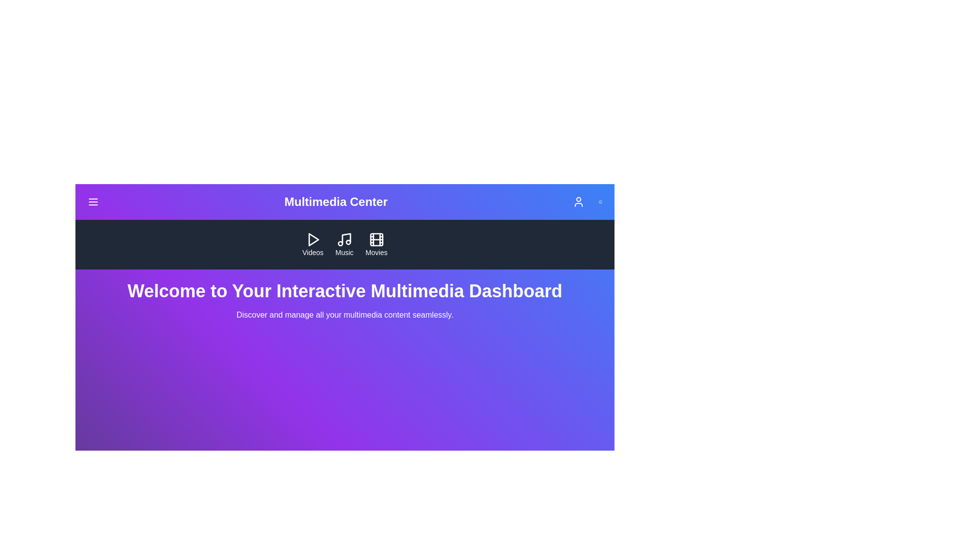 The image size is (953, 536). I want to click on the 'Music' button to navigate to the Music section, so click(344, 245).